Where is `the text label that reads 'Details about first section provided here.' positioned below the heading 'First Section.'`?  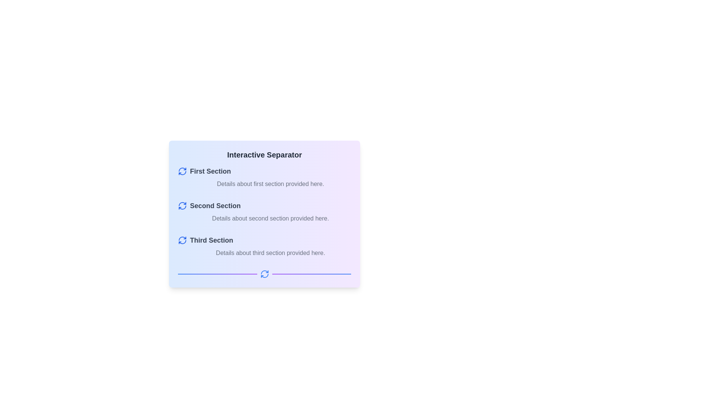 the text label that reads 'Details about first section provided here.' positioned below the heading 'First Section.' is located at coordinates (270, 184).